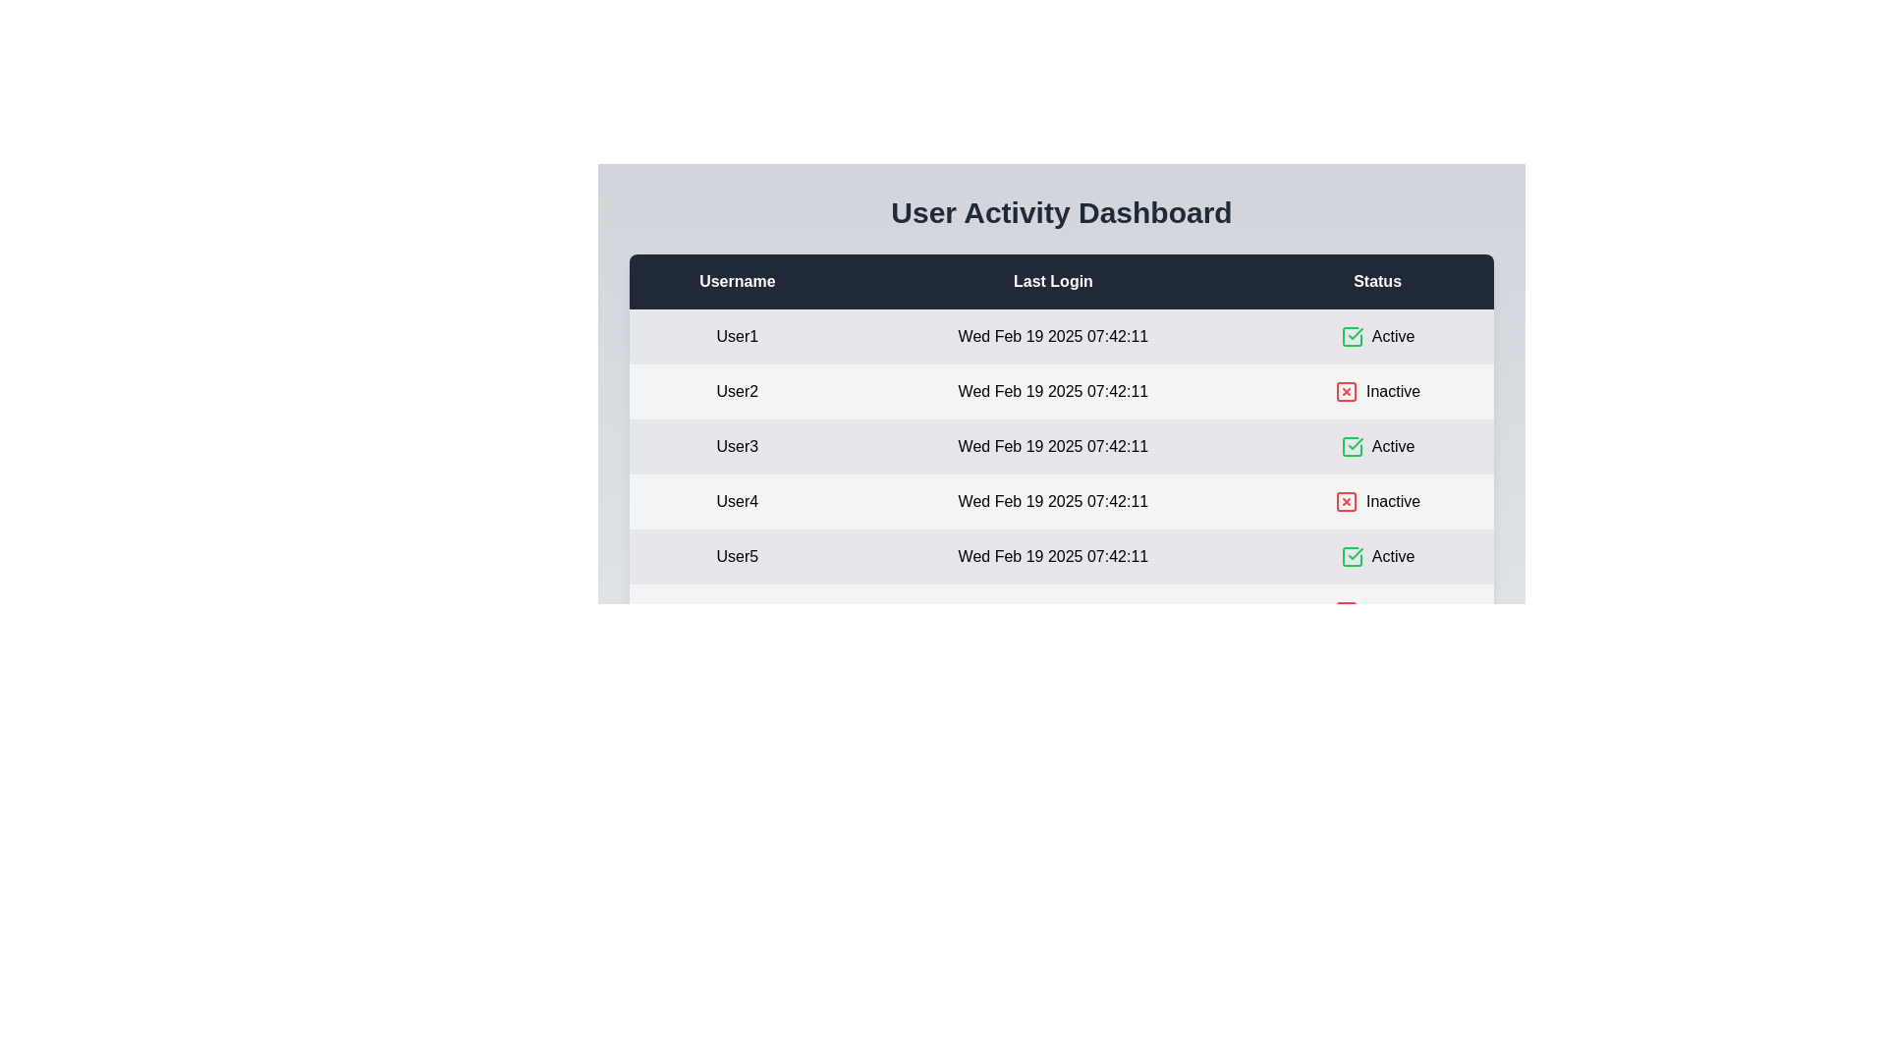 The height and width of the screenshot is (1061, 1886). Describe the element at coordinates (1346, 391) in the screenshot. I see `the status icon for user User2` at that location.